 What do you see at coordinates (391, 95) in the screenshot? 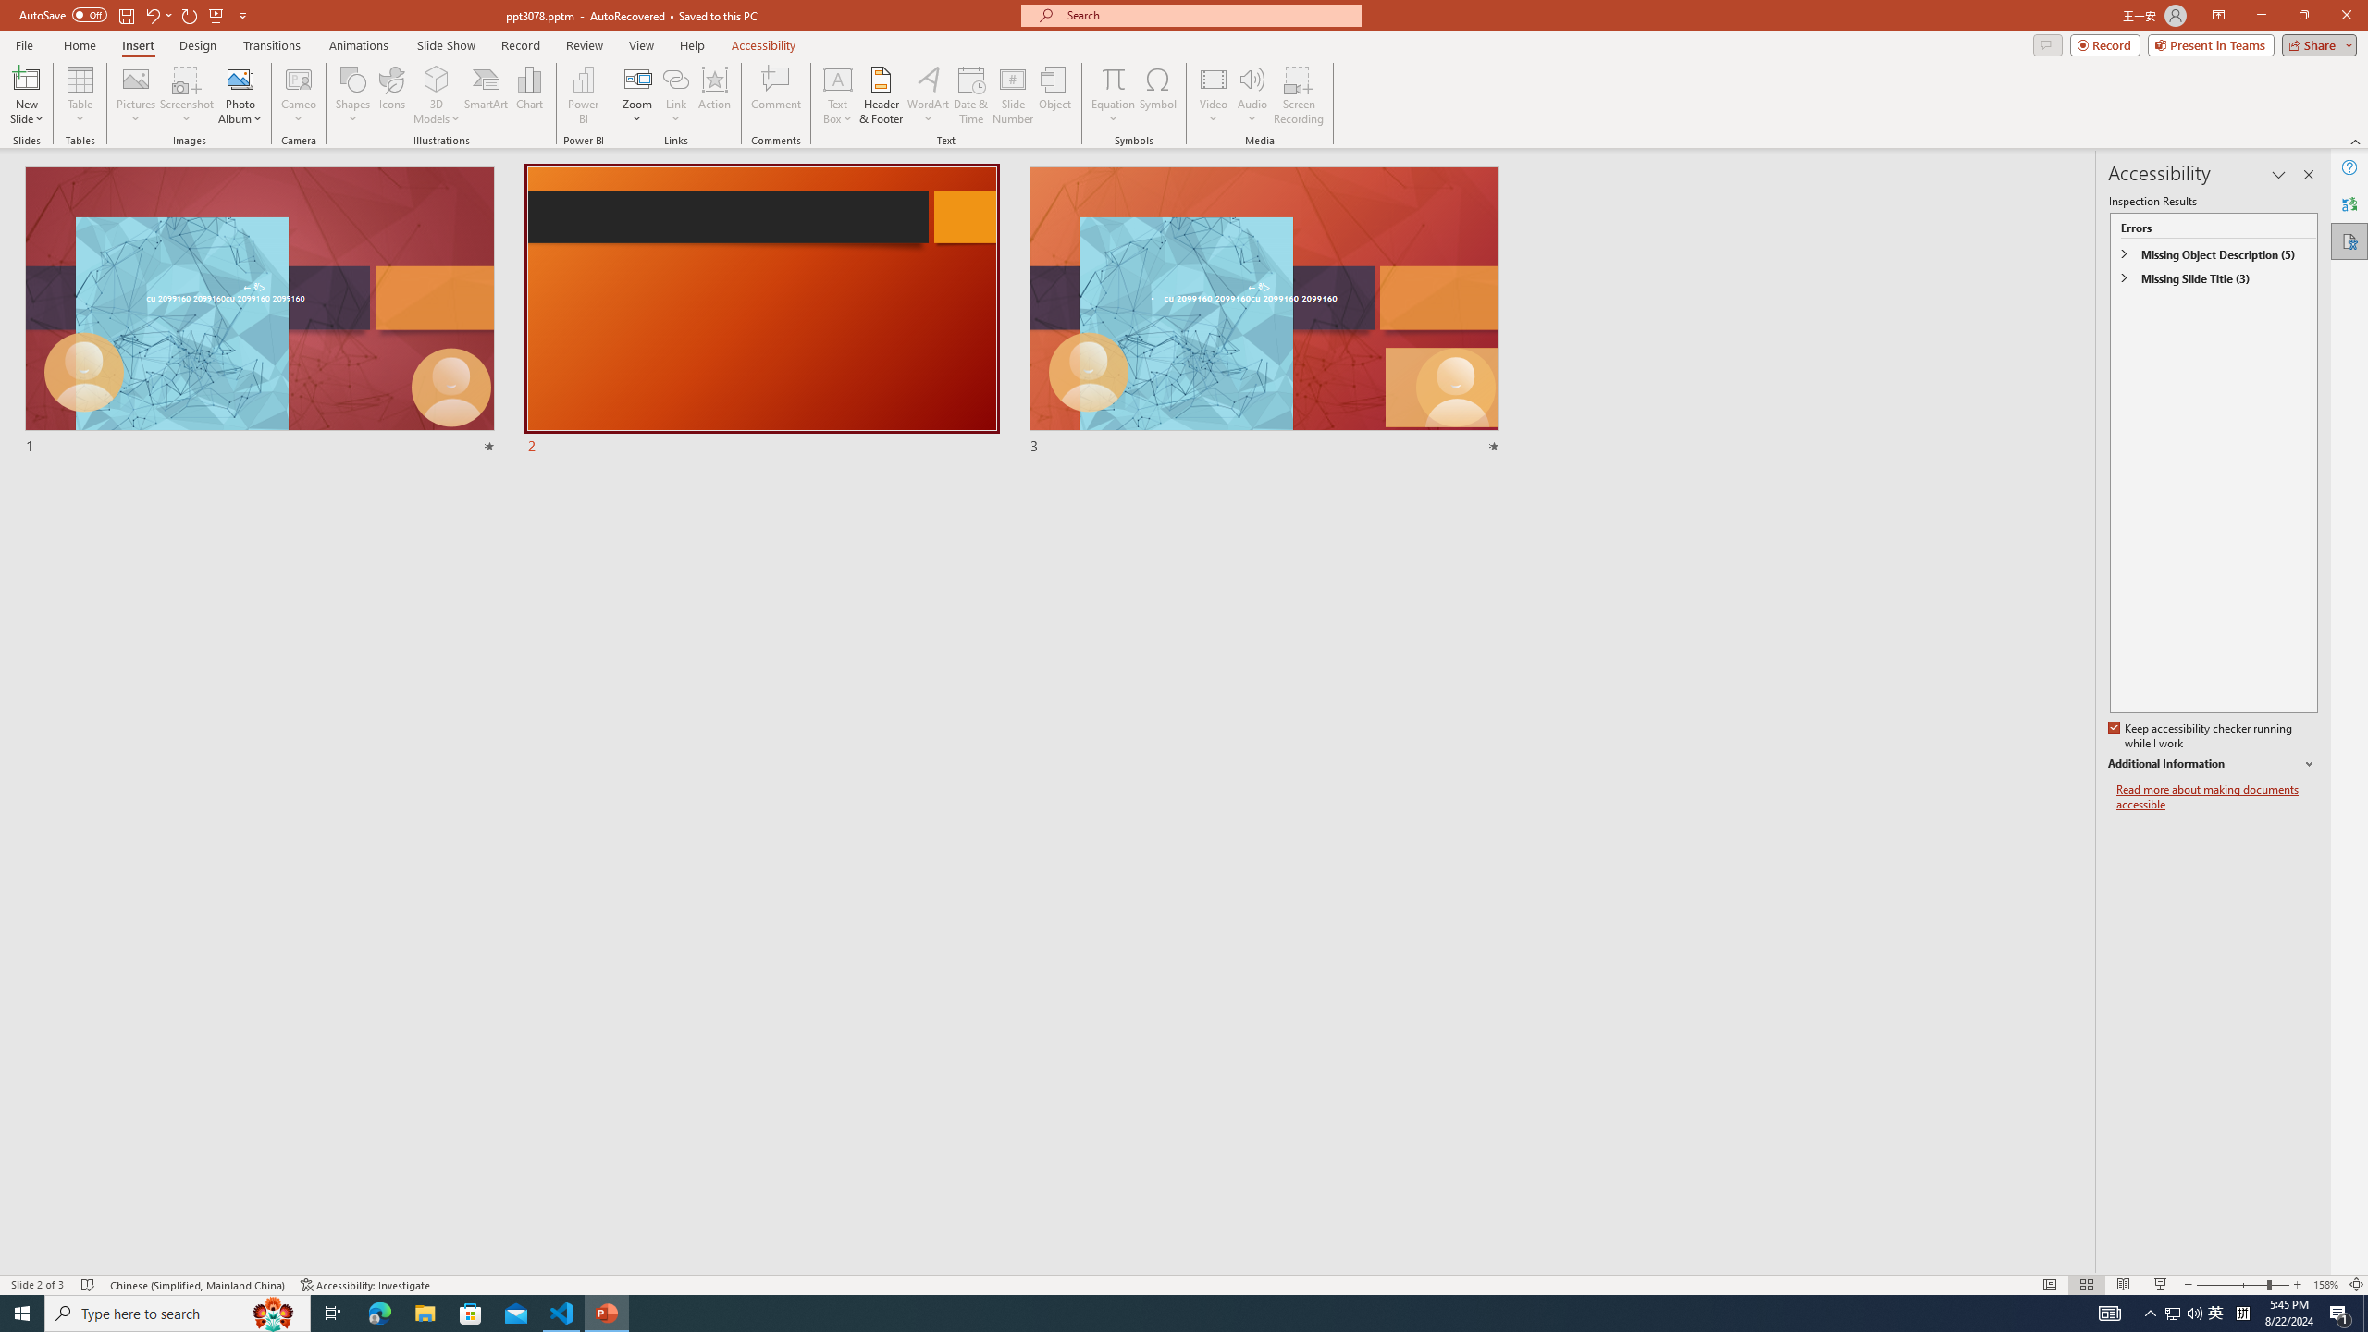
I see `'Icons'` at bounding box center [391, 95].